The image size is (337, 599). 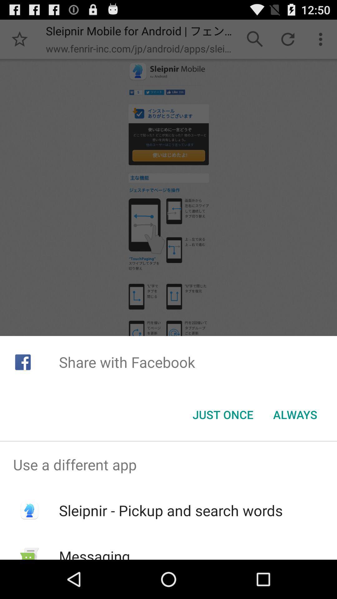 I want to click on the button to the left of always button, so click(x=222, y=415).